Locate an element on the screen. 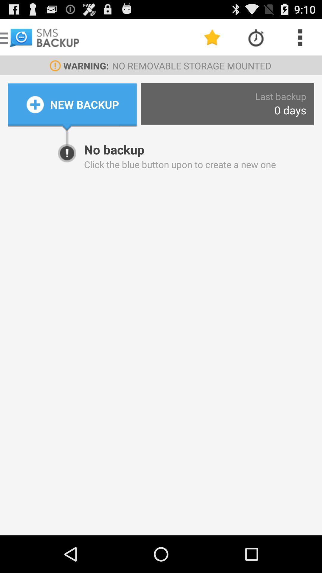  the app above no removable storage icon is located at coordinates (212, 37).